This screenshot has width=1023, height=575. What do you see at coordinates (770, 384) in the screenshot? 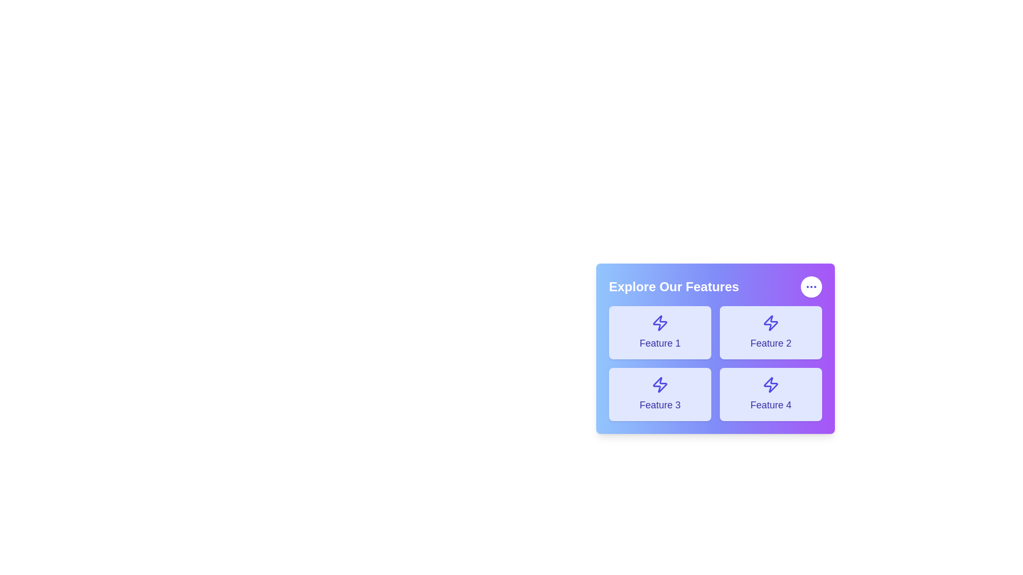
I see `the lightning bolt icon with a purple stroke and rounded outline, located in the bottom-right section of a grid above the text 'Feature 4'` at bounding box center [770, 384].